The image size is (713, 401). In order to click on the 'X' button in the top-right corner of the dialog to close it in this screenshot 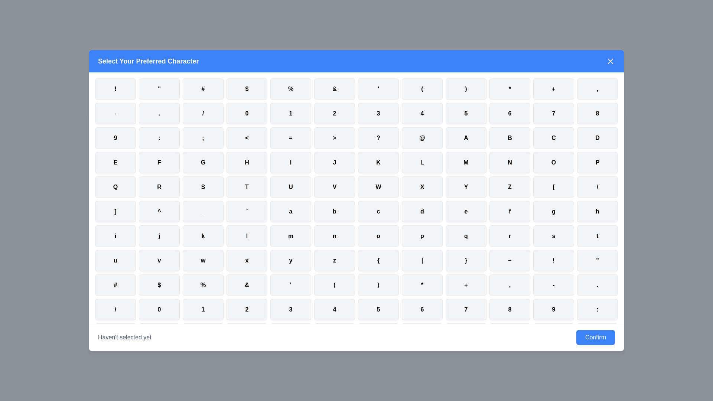, I will do `click(610, 61)`.